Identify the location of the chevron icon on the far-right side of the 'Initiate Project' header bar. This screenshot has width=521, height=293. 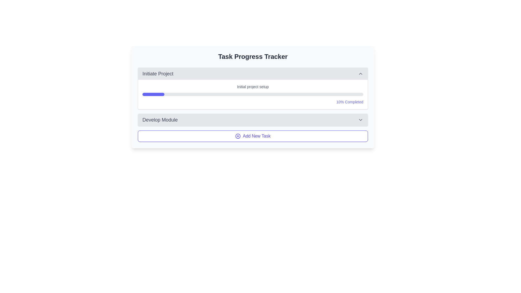
(361, 74).